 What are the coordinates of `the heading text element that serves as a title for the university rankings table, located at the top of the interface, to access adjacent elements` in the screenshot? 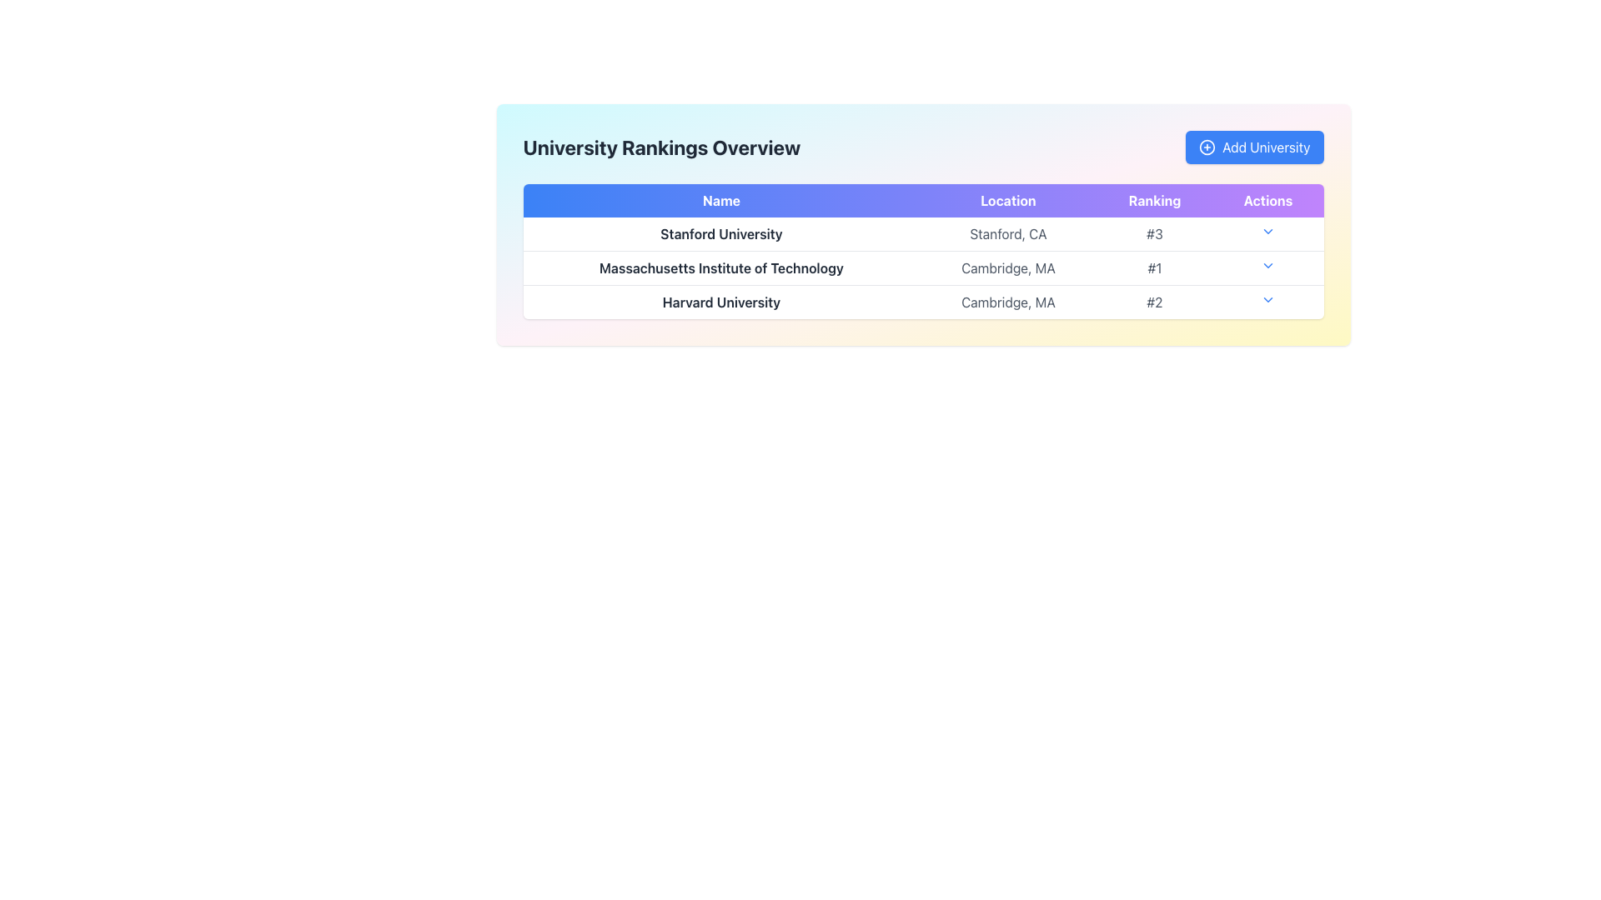 It's located at (660, 147).